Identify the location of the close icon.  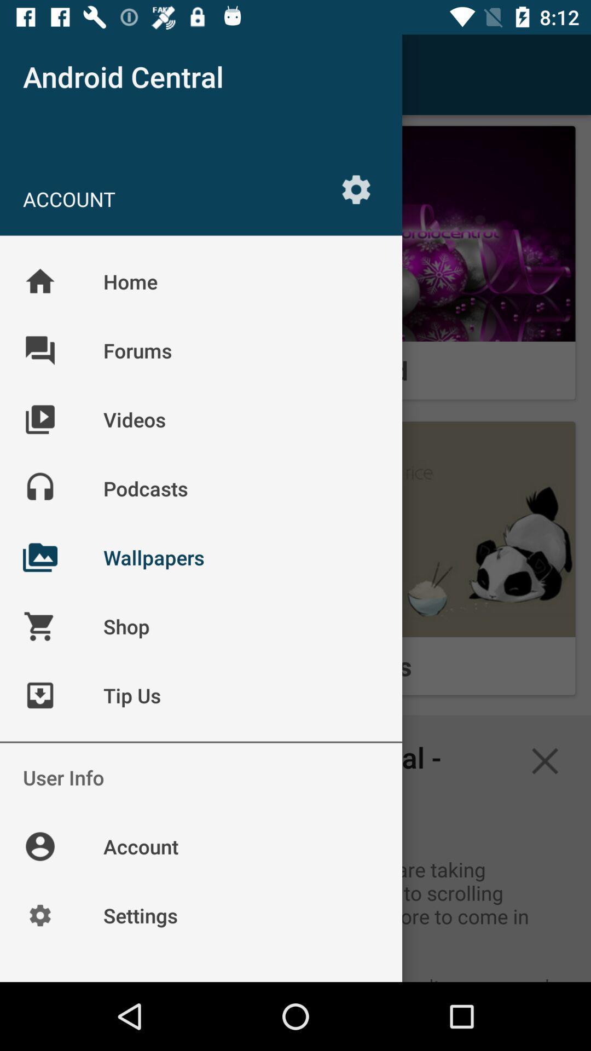
(544, 760).